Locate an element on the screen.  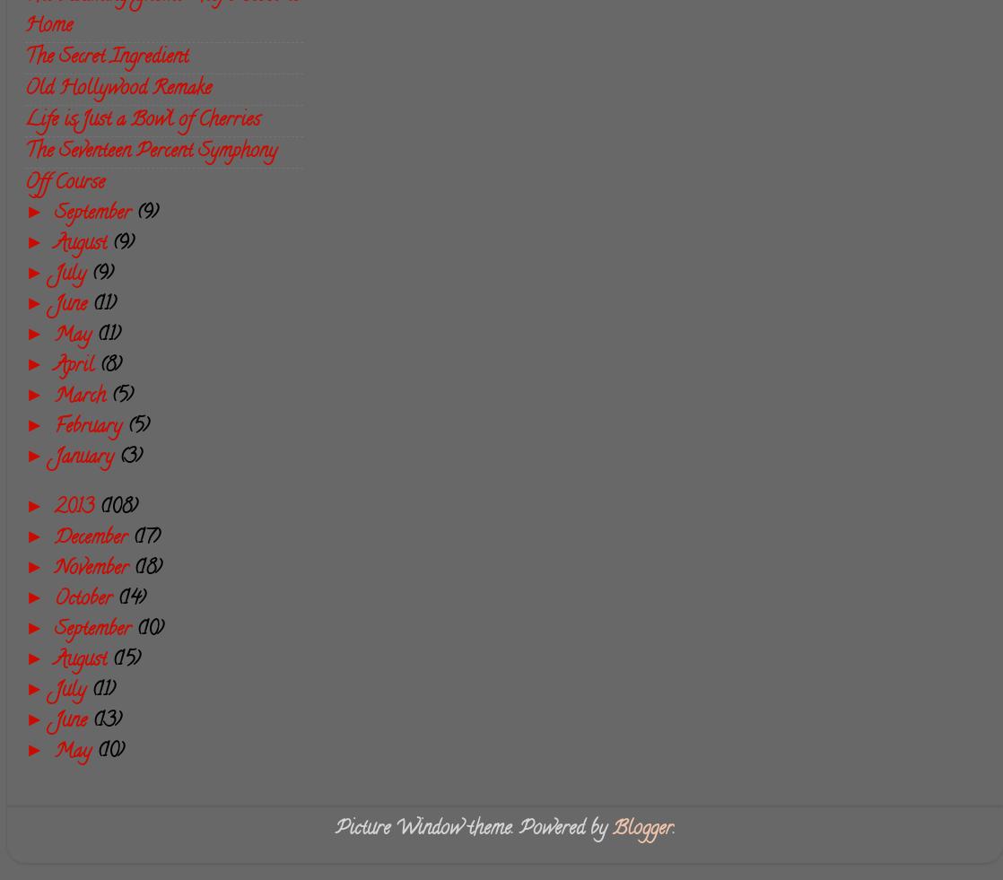
'Life is Just a Bowl of Cherries' is located at coordinates (142, 119).